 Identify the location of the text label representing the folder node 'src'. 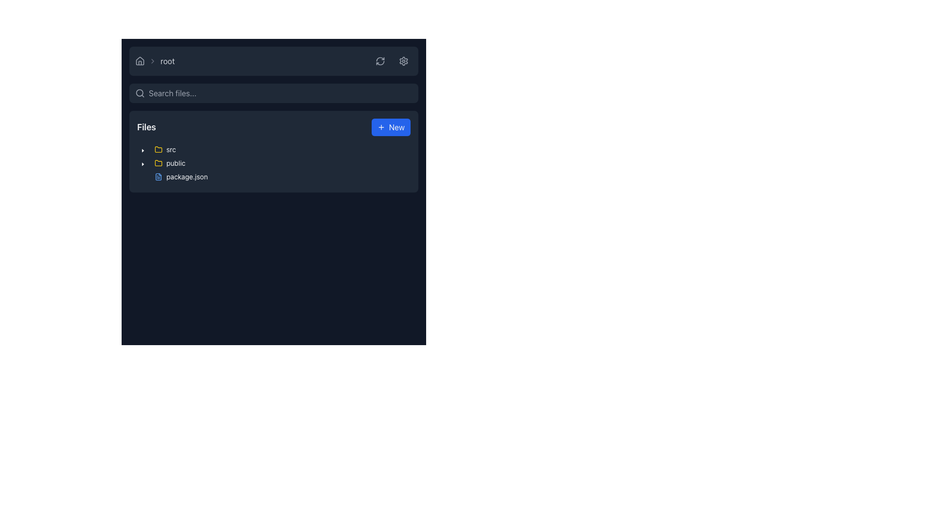
(165, 150).